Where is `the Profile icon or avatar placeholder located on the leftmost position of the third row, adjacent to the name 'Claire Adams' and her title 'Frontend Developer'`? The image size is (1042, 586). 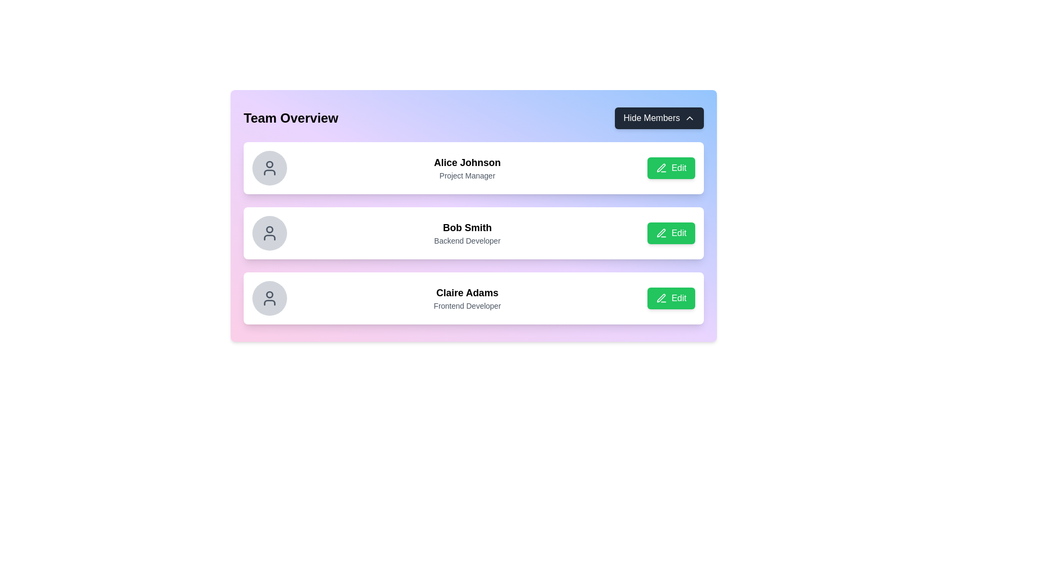 the Profile icon or avatar placeholder located on the leftmost position of the third row, adjacent to the name 'Claire Adams' and her title 'Frontend Developer' is located at coordinates (270, 298).